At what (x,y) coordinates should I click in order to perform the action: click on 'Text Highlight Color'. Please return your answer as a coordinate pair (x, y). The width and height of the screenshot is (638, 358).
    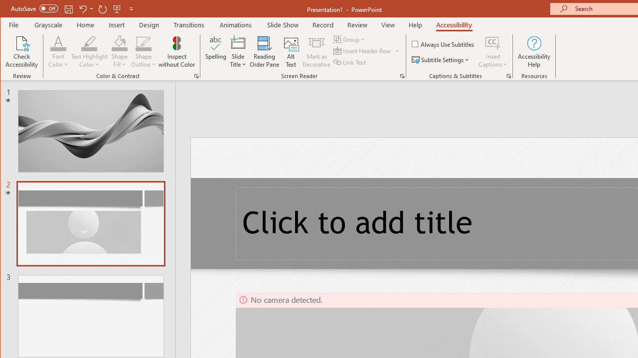
    Looking at the image, I should click on (89, 52).